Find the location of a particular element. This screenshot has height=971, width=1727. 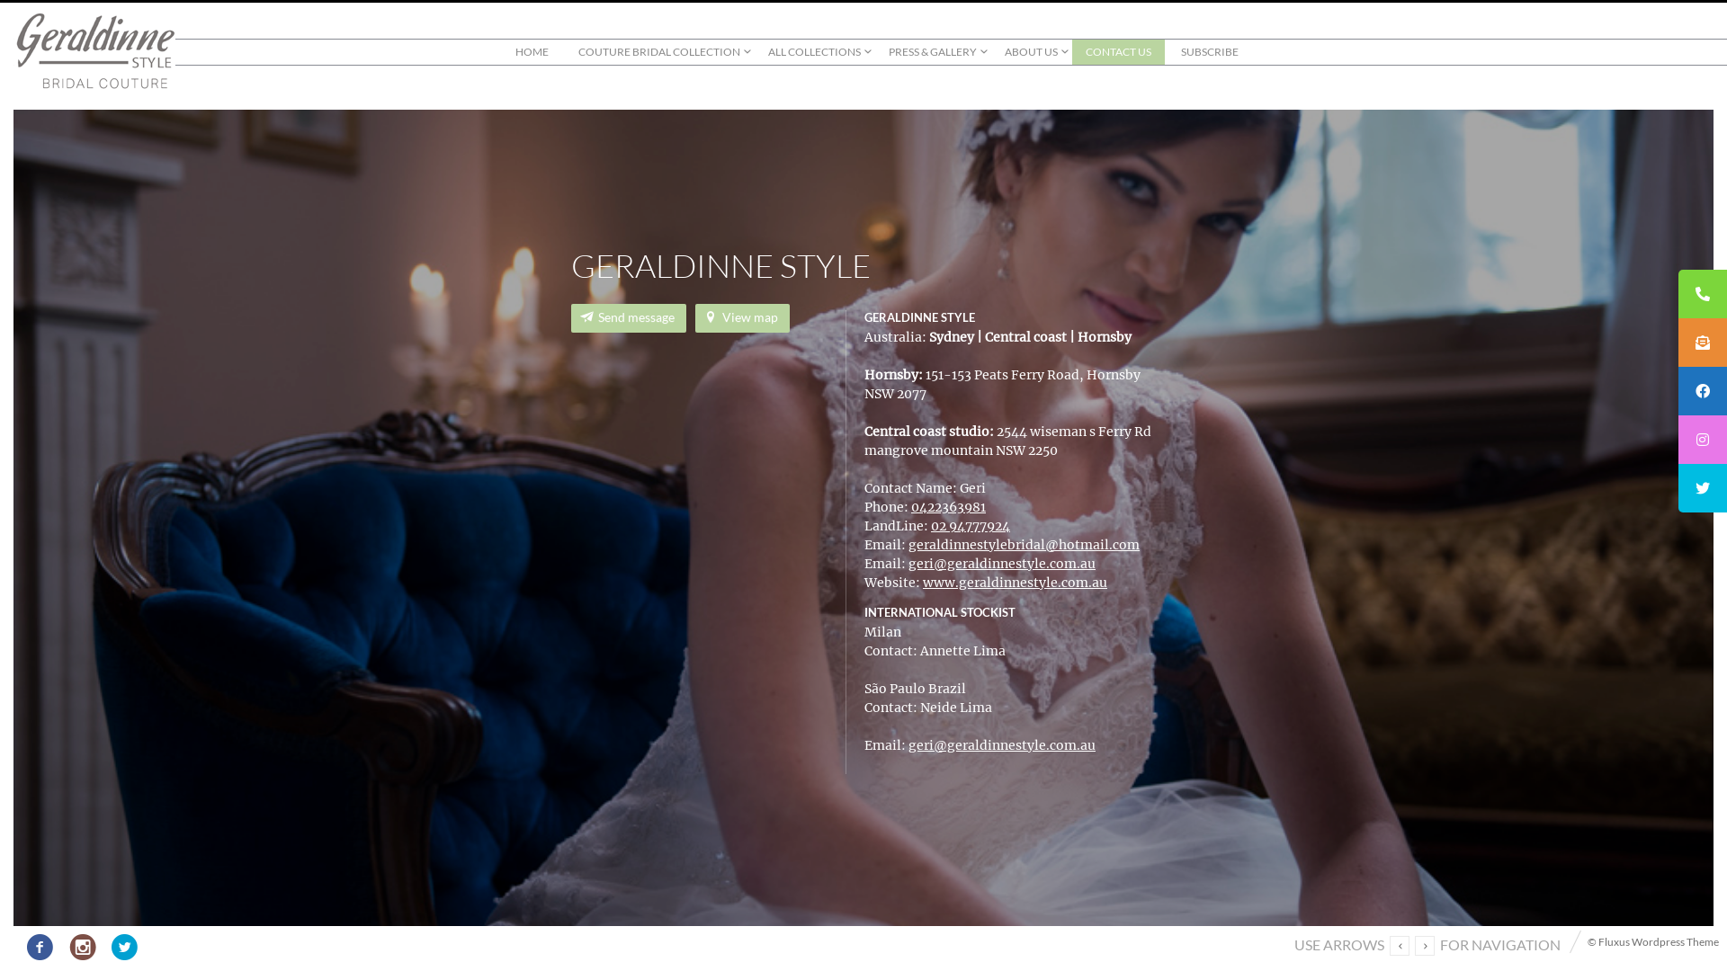

'Send message' is located at coordinates (629, 317).